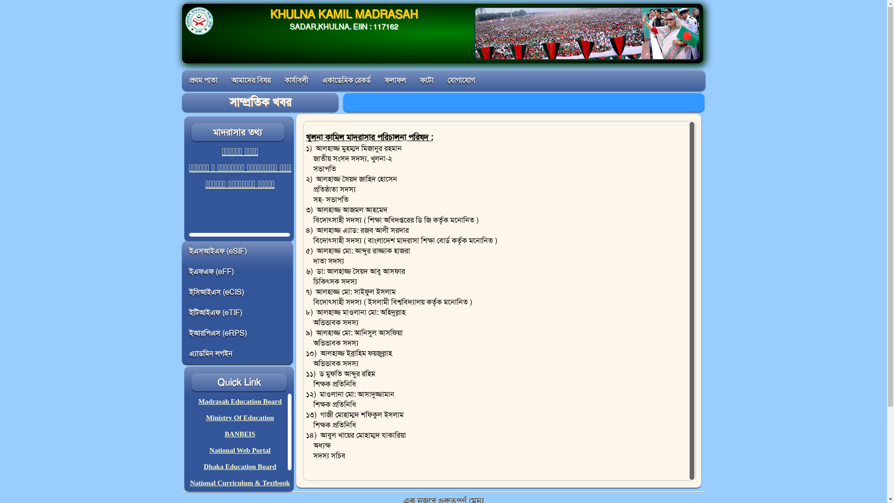 This screenshot has height=503, width=894. Describe the element at coordinates (225, 434) in the screenshot. I see `'BANBEIS'` at that location.